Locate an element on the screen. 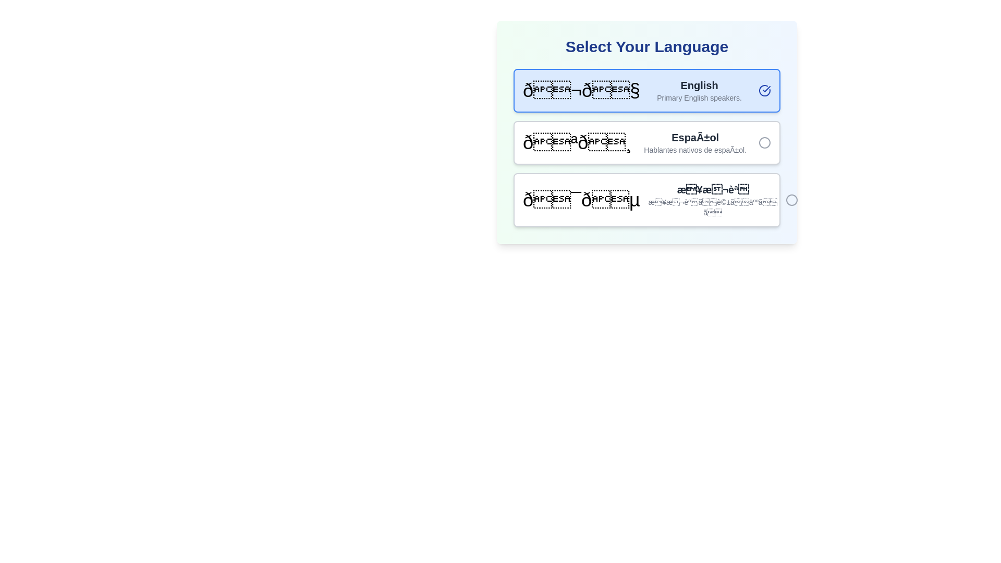 The image size is (1001, 563). the unselected Circular SVG icon representing the 'Español' language option in the language selection menu is located at coordinates (765, 142).